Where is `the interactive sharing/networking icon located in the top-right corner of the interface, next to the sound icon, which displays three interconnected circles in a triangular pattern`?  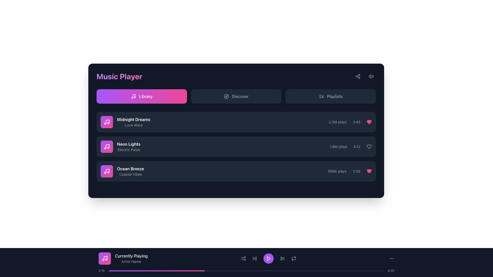 the interactive sharing/networking icon located in the top-right corner of the interface, next to the sound icon, which displays three interconnected circles in a triangular pattern is located at coordinates (357, 76).